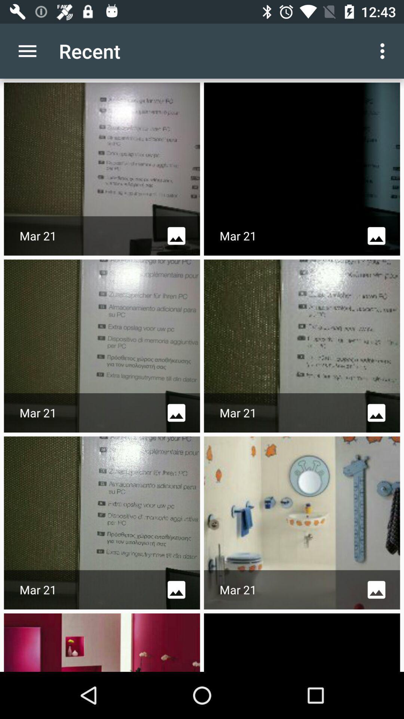 Image resolution: width=404 pixels, height=719 pixels. I want to click on item next to recent item, so click(384, 51).